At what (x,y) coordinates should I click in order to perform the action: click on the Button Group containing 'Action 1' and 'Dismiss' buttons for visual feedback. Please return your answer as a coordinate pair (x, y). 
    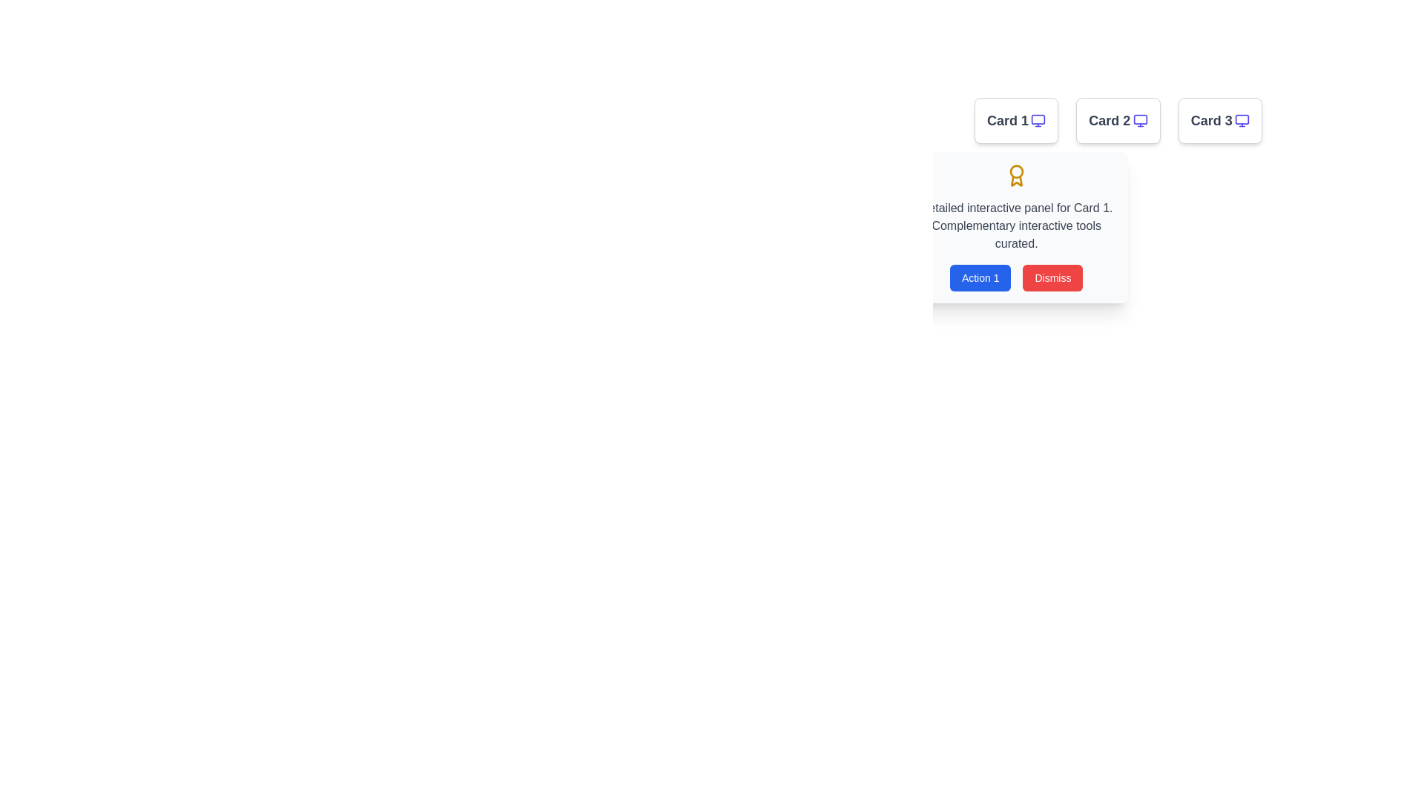
    Looking at the image, I should click on (1015, 277).